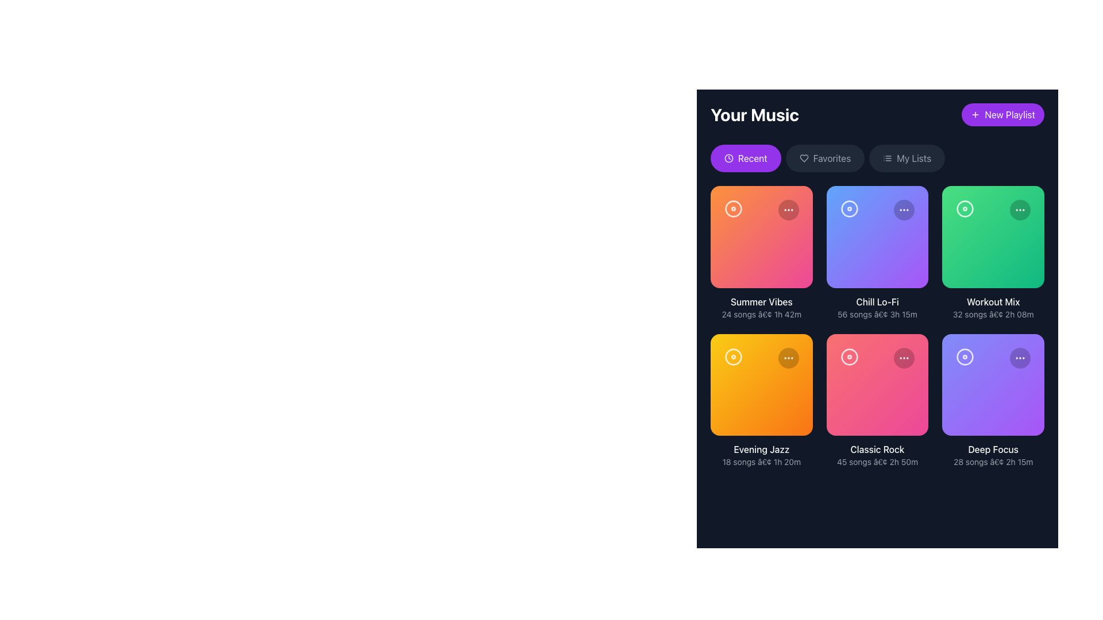  Describe the element at coordinates (849, 356) in the screenshot. I see `the icon located in the center of the 'Classic Rock' card, which is the fifth card in a grid of six cards` at that location.